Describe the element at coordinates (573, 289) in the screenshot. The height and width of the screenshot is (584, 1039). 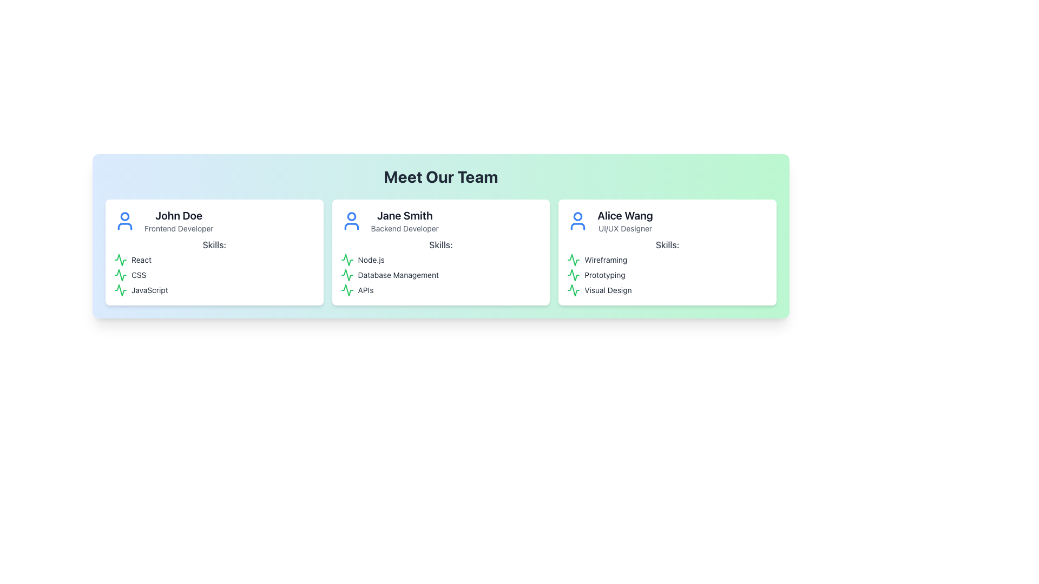
I see `the visual indicator icon associated with the text 'Visual Design' in the third team member profile card under the 'Skills' section` at that location.